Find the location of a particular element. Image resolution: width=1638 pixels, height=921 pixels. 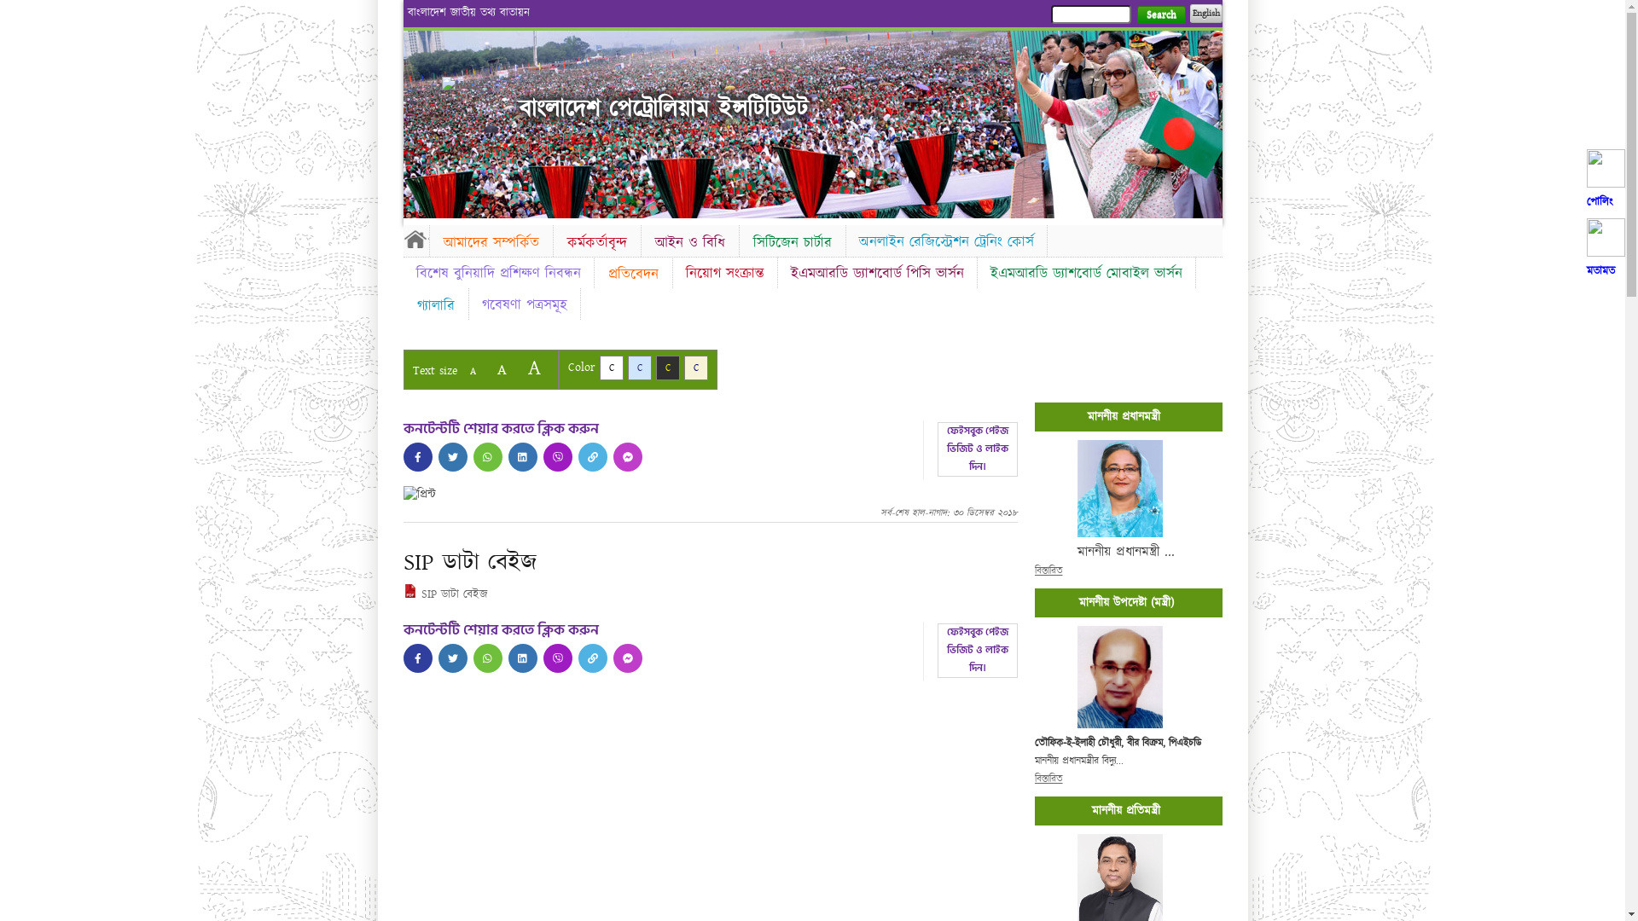

'C' is located at coordinates (598, 367).